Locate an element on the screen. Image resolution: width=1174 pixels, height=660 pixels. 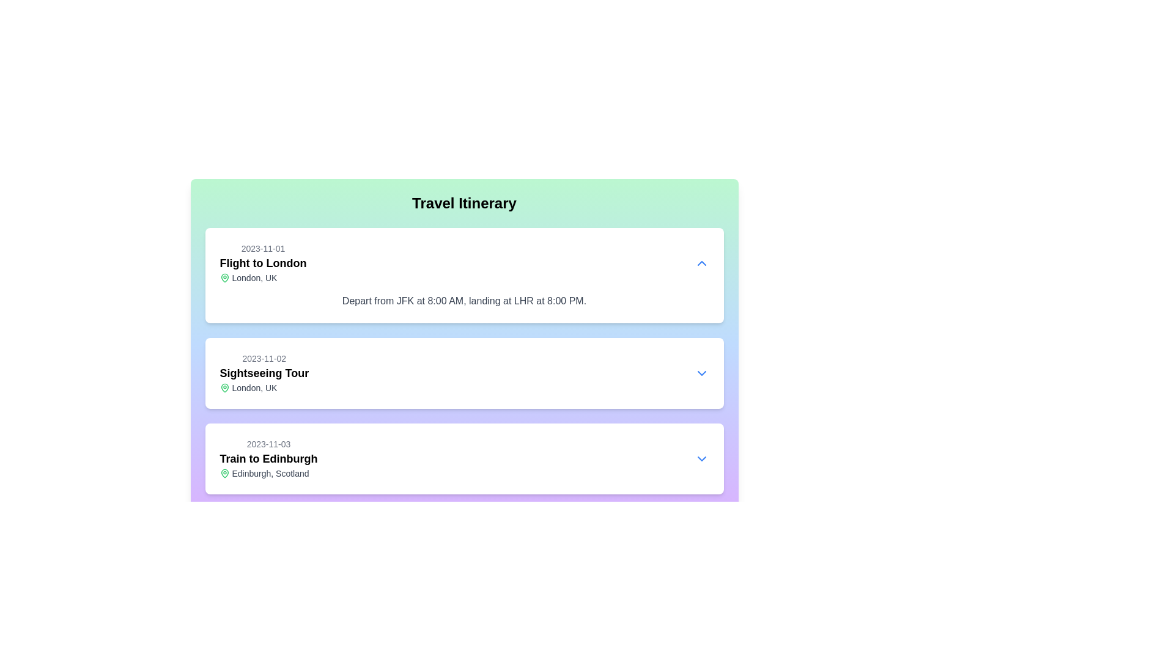
the text label displaying 'Train to Edinburgh' in bold and large font, which is centrally located under the section for '2023-11-03' in the travel itinerary interface is located at coordinates (268, 459).